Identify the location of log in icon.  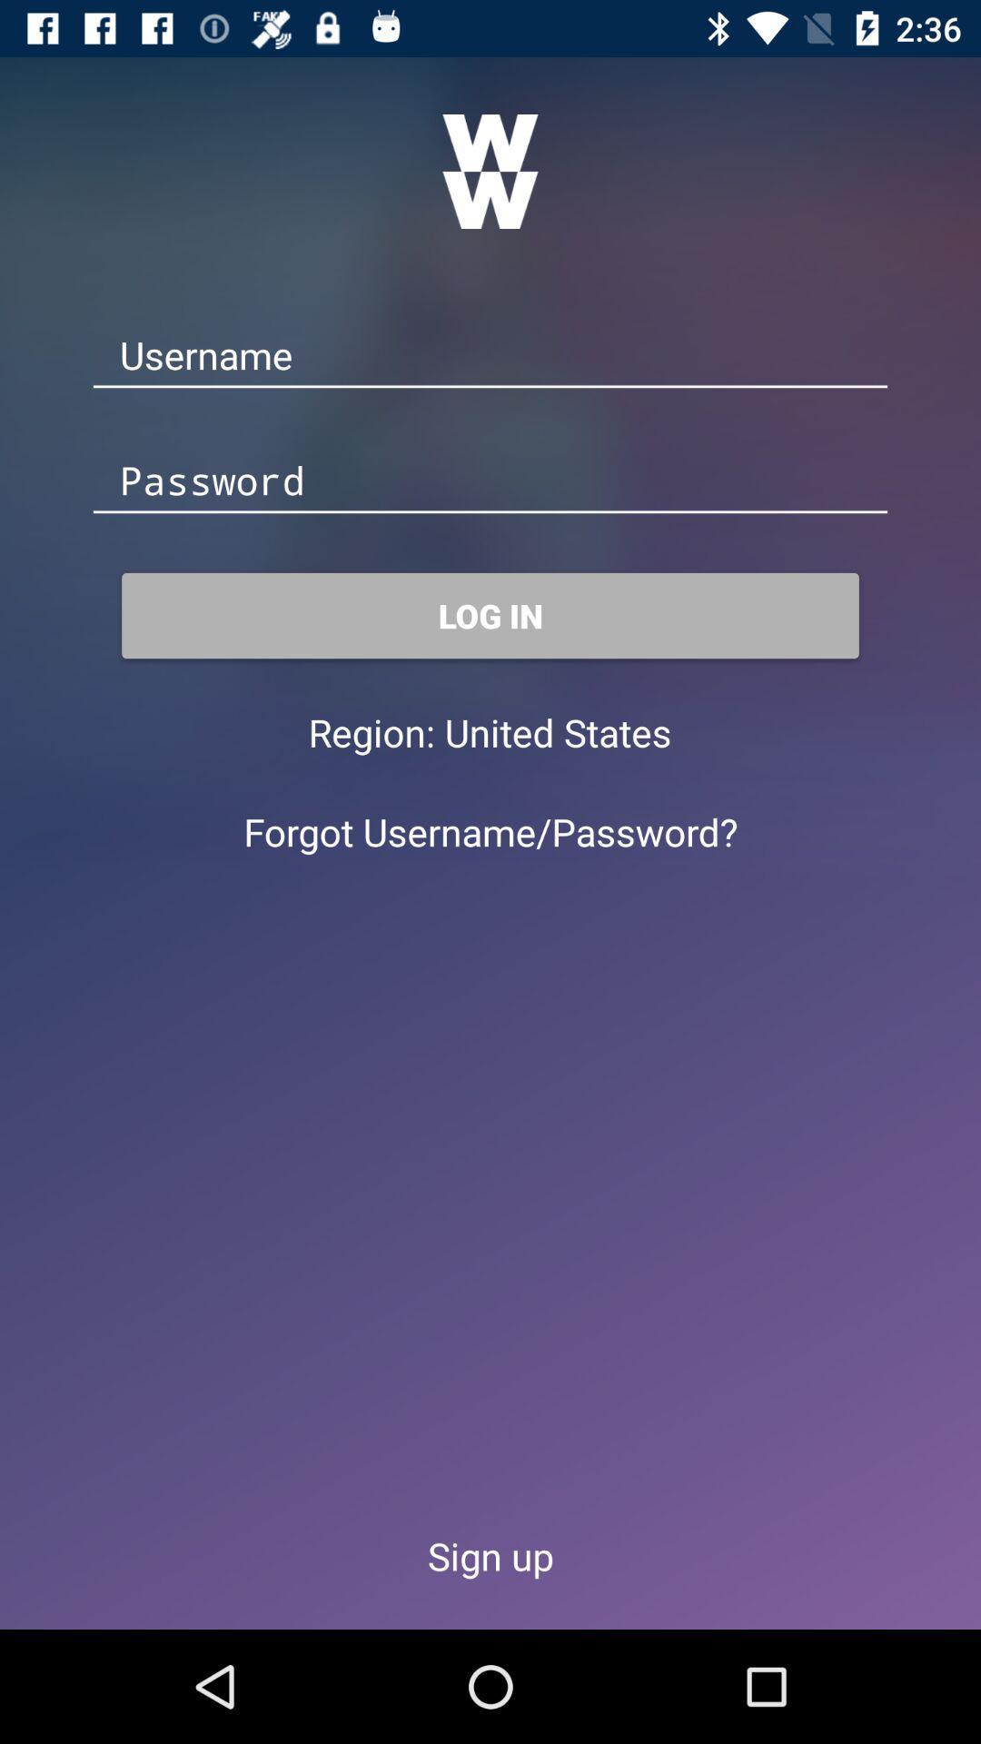
(490, 615).